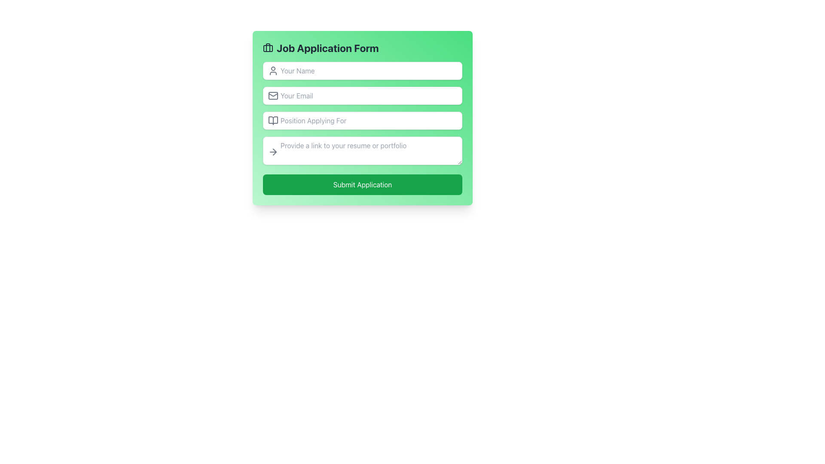  Describe the element at coordinates (363, 150) in the screenshot. I see `the text input field for entering a URL linking to the resume or portfolio` at that location.